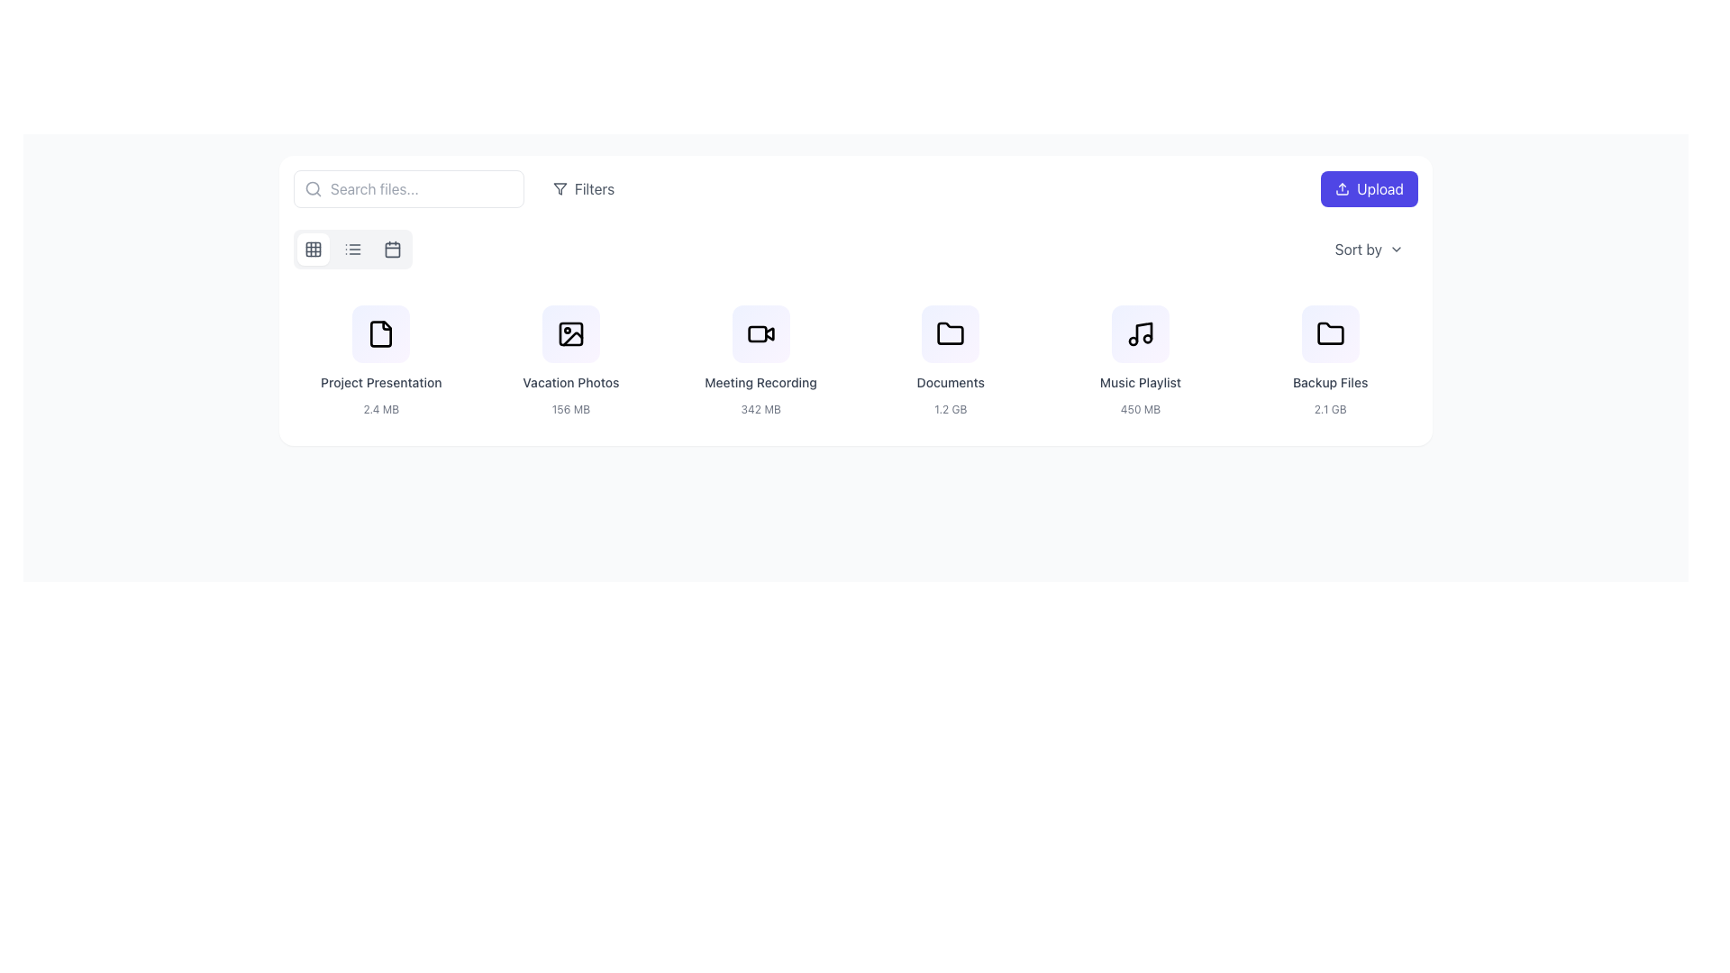  I want to click on the downward arrow symbol of the dropdown indicator located in the 'Sort by' section, so click(1396, 250).